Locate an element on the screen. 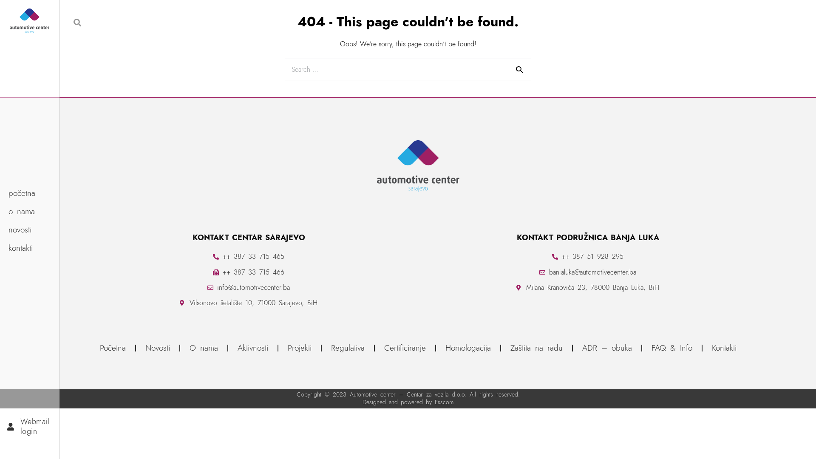 The height and width of the screenshot is (459, 816). 'banjaluka@automotivecenter.ba' is located at coordinates (587, 272).